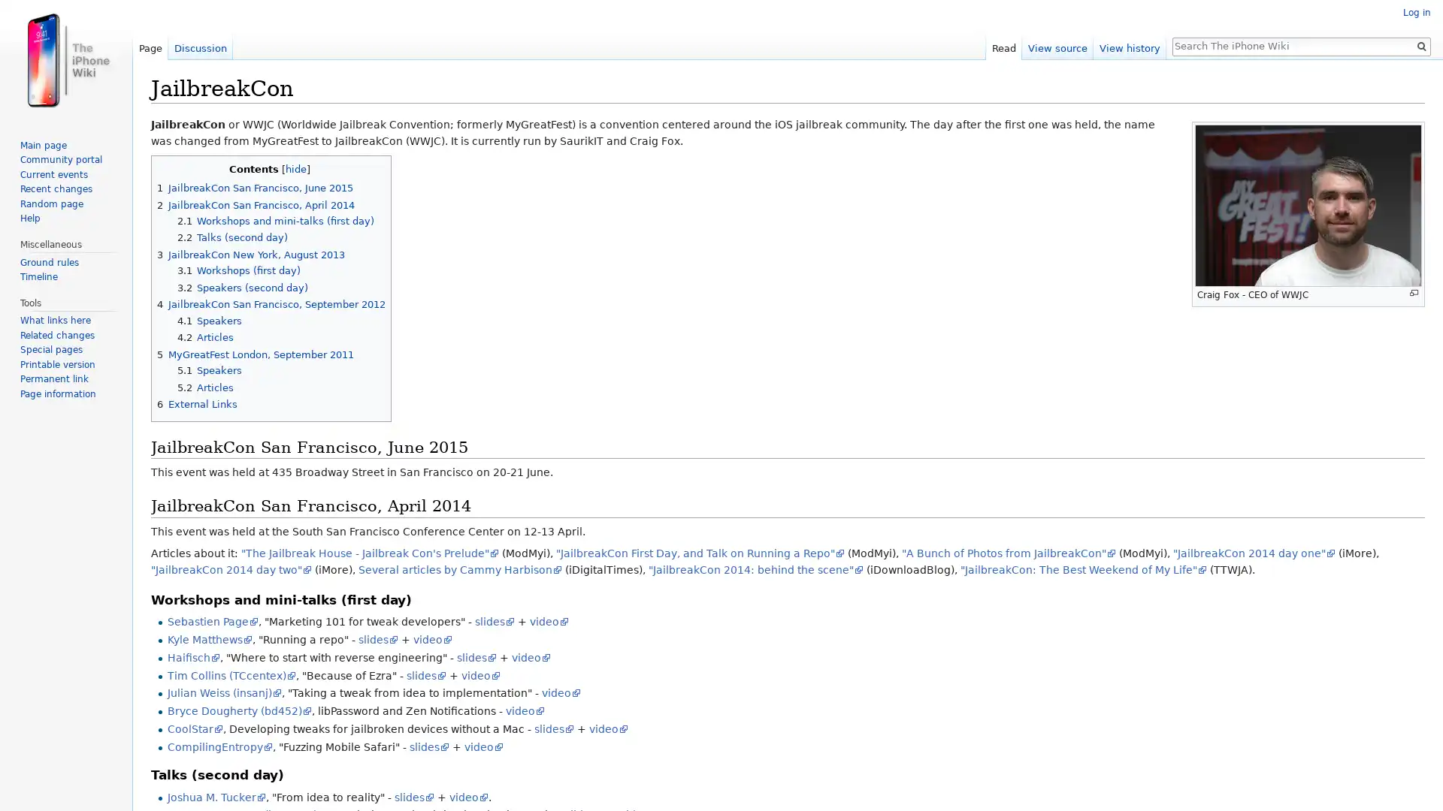 Image resolution: width=1443 pixels, height=811 pixels. I want to click on Go, so click(1420, 45).